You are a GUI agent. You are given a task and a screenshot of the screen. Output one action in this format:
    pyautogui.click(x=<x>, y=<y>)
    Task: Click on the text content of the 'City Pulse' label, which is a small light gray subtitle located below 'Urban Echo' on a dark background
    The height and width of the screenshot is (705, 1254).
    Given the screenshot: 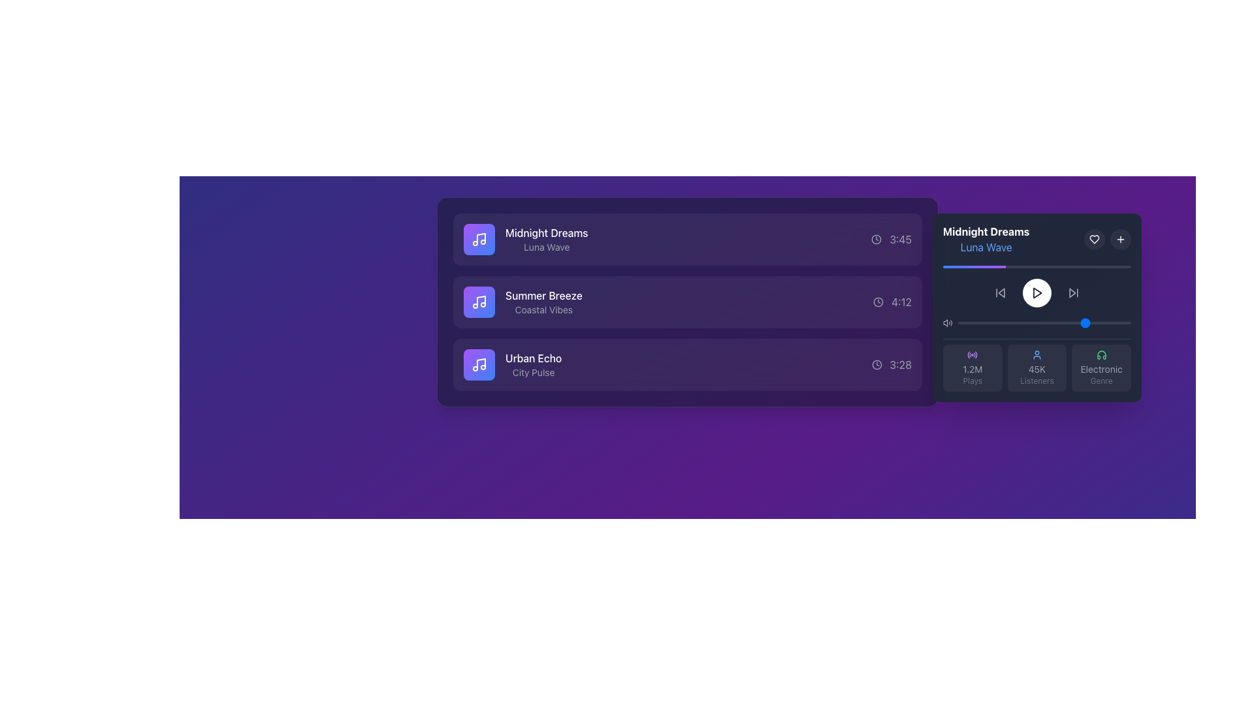 What is the action you would take?
    pyautogui.click(x=534, y=372)
    